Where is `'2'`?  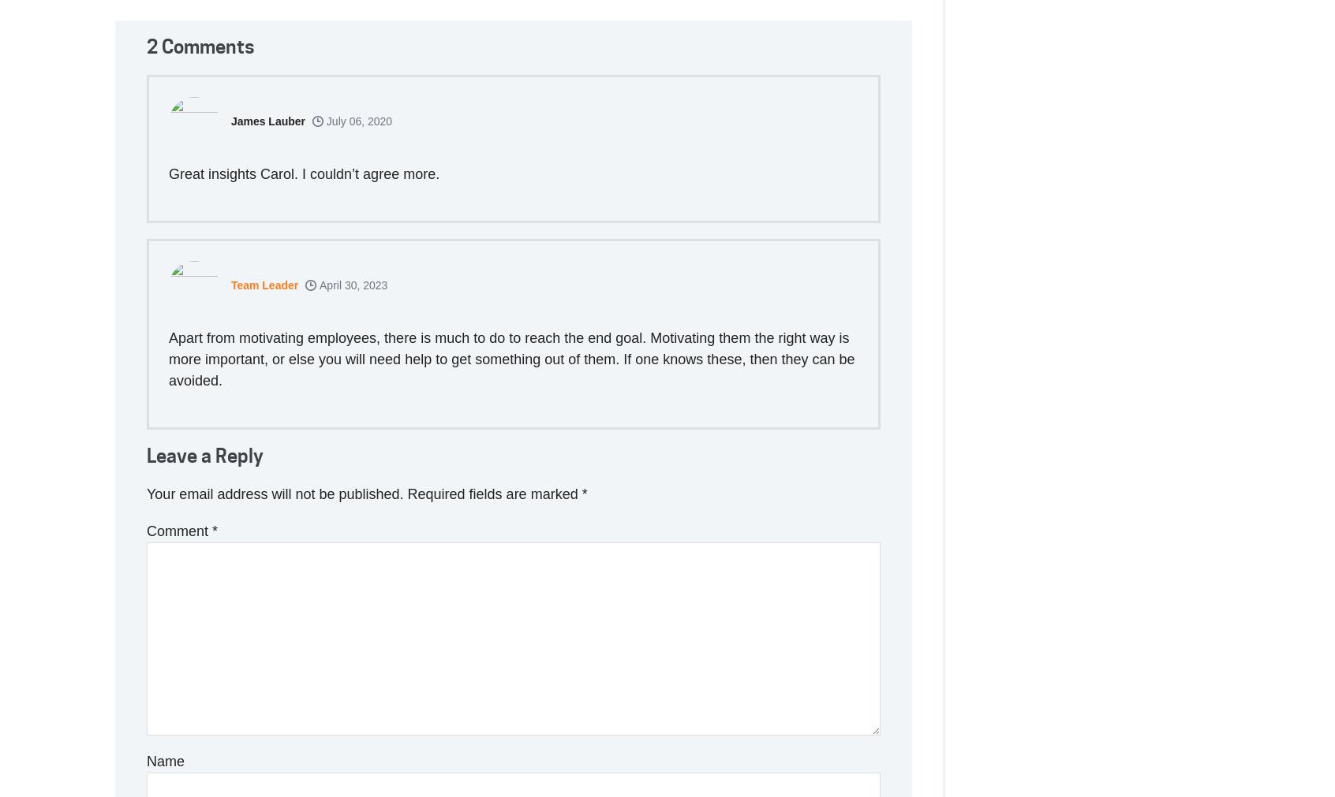
'2' is located at coordinates (151, 45).